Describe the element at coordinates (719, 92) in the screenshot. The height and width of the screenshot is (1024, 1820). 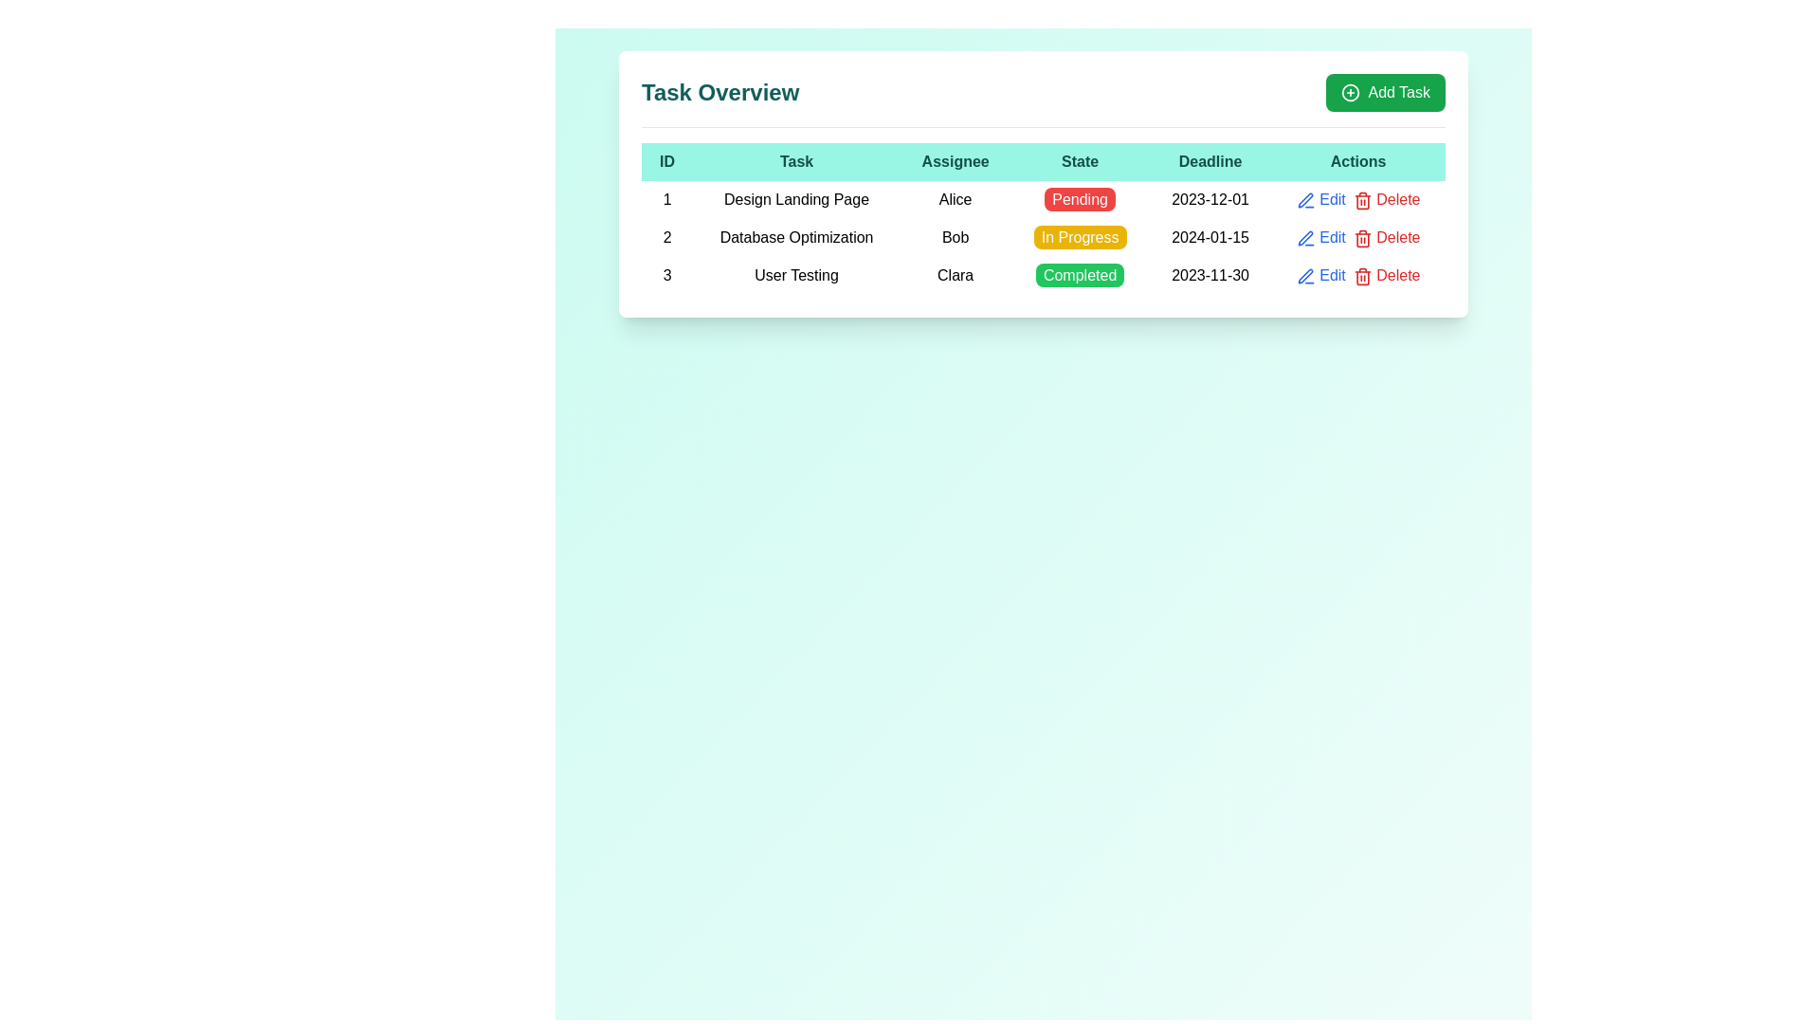
I see `the Text (Heading) element that serves as a title for the task management section, located to the left of the 'Add Task' button` at that location.